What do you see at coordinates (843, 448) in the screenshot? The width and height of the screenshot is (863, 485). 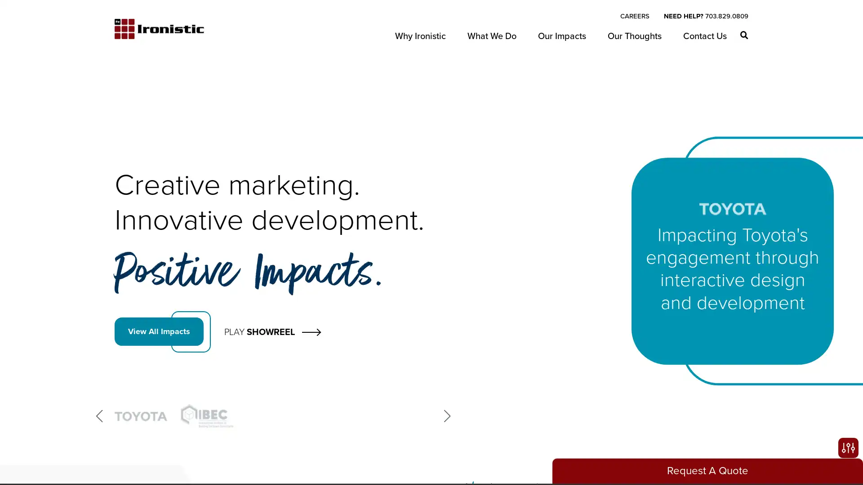 I see `Open accessibility options, statement and help` at bounding box center [843, 448].